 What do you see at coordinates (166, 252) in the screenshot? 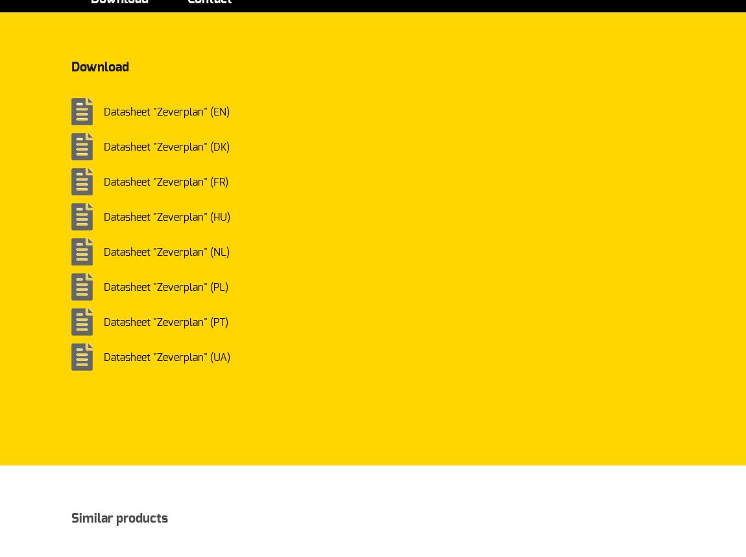
I see `'Datasheet "Zeverplan" (NL)'` at bounding box center [166, 252].